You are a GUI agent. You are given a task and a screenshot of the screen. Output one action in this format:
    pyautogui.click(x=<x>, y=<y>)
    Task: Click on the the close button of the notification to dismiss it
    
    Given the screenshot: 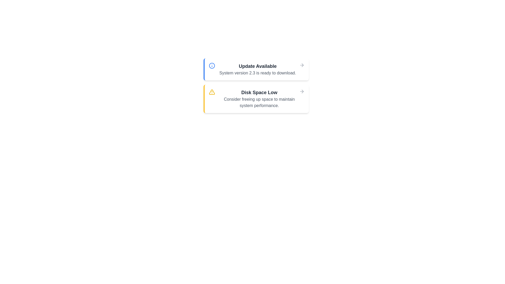 What is the action you would take?
    pyautogui.click(x=302, y=65)
    